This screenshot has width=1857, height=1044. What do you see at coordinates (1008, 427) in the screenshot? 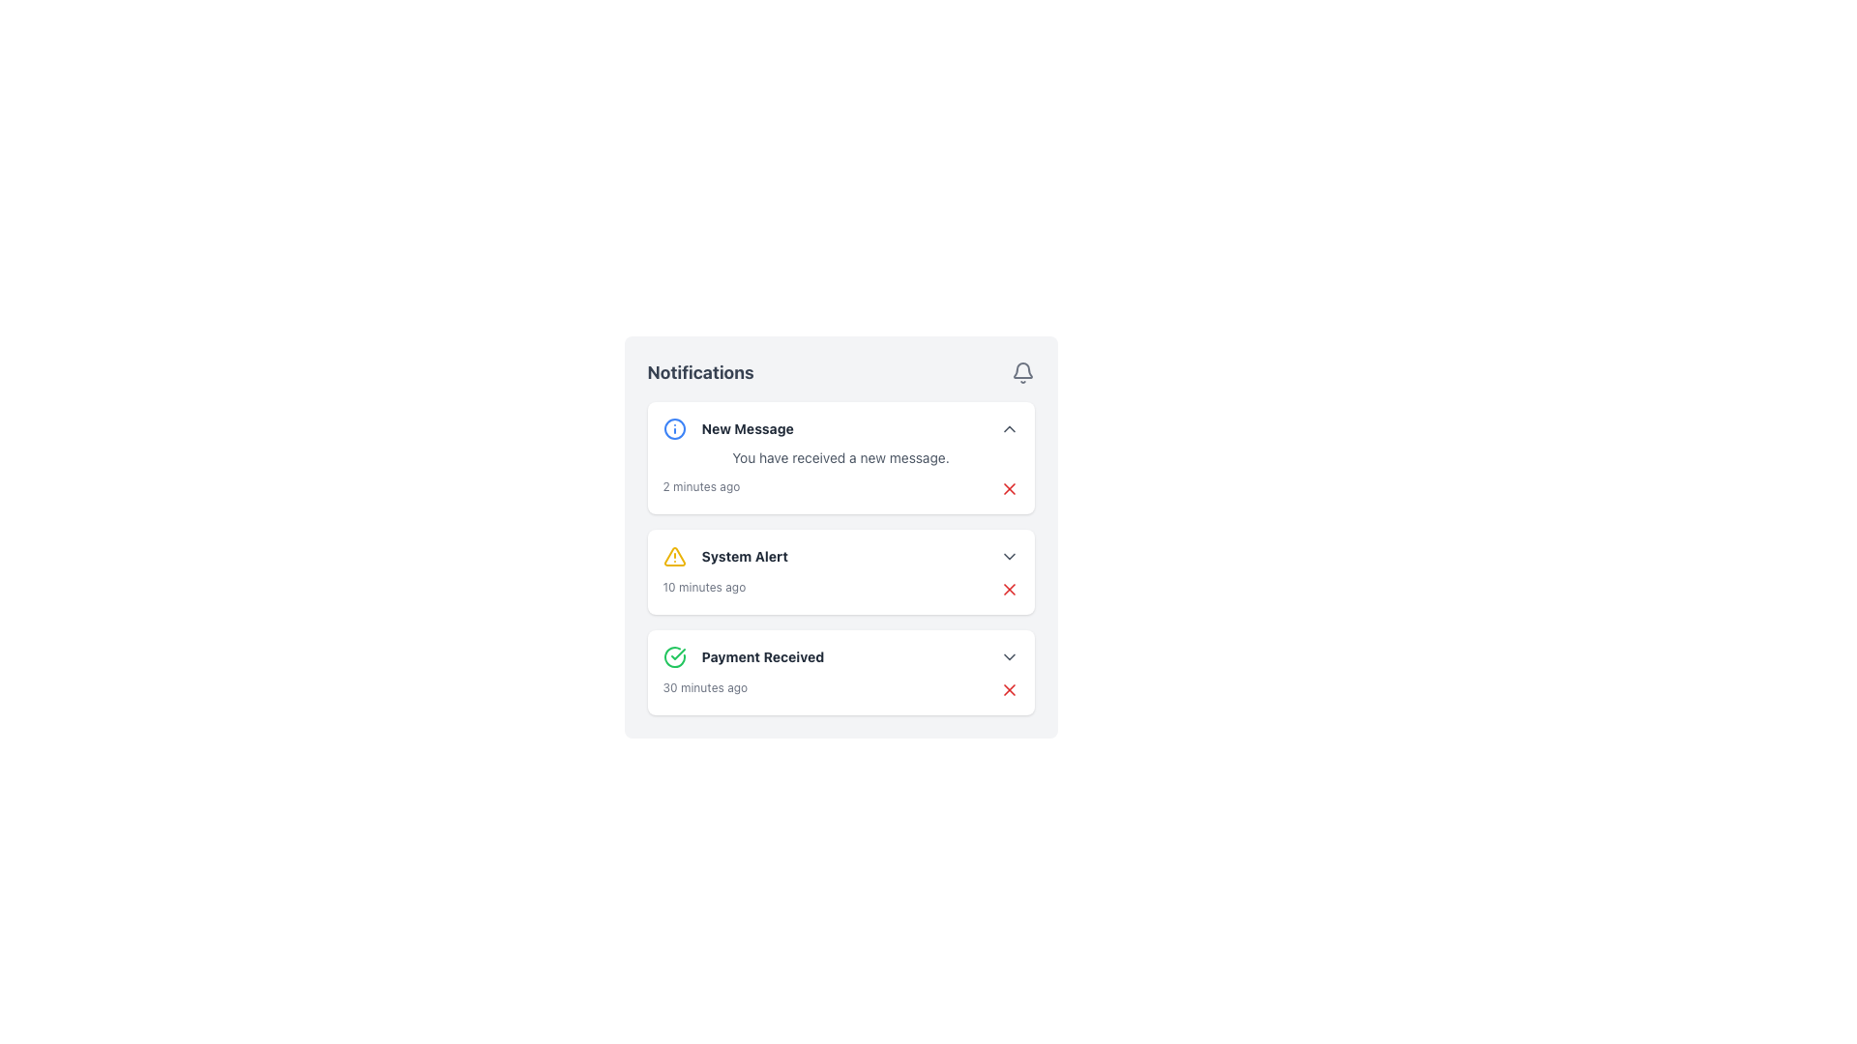
I see `the Toggle Button located at the top-right corner of the 'New Message' notification` at bounding box center [1008, 427].